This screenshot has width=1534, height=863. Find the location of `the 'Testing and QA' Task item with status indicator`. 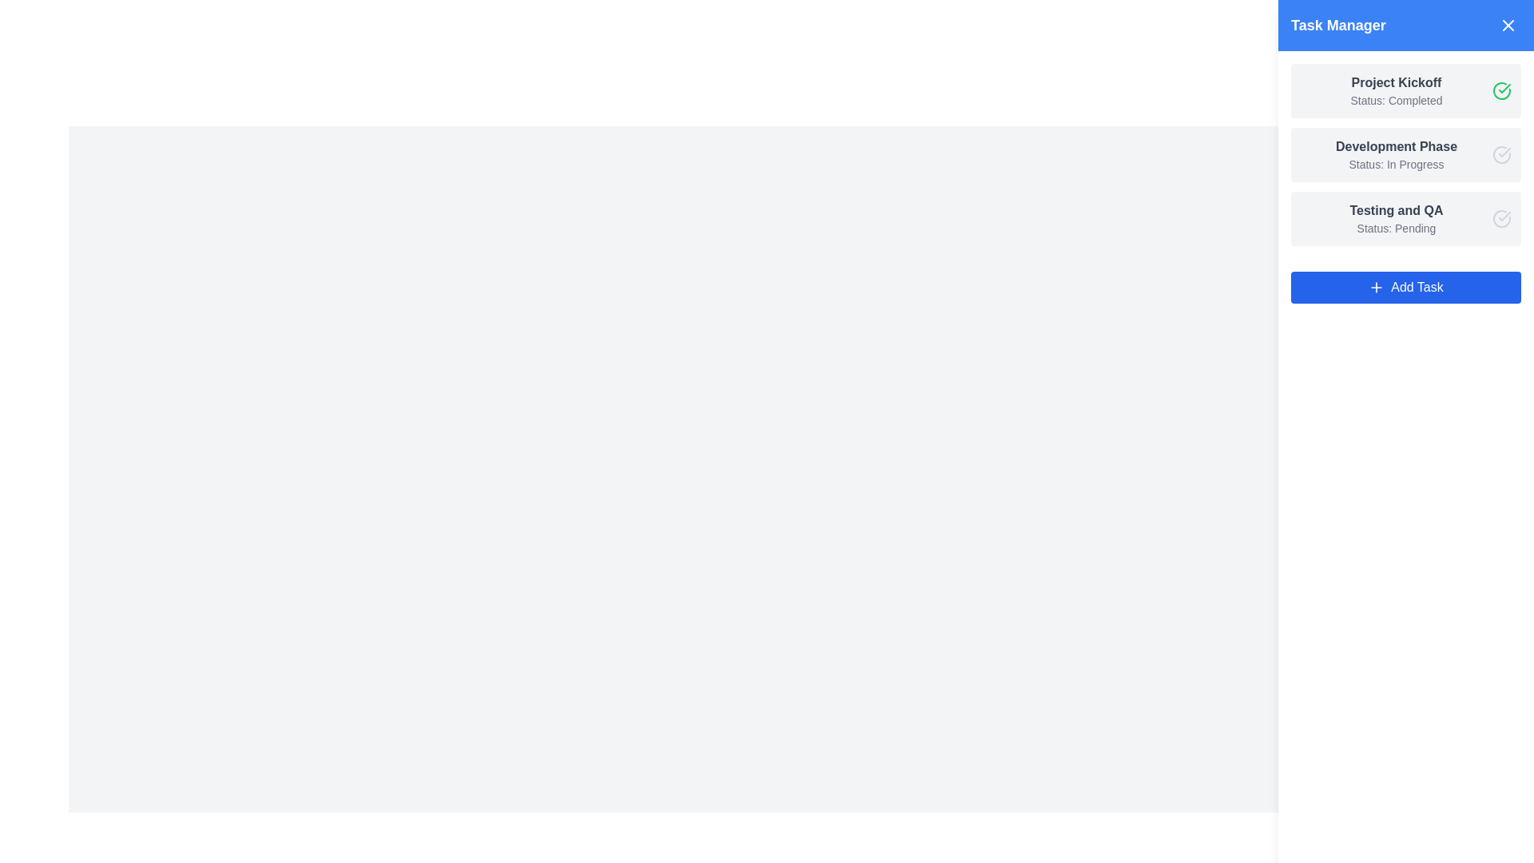

the 'Testing and QA' Task item with status indicator is located at coordinates (1406, 218).